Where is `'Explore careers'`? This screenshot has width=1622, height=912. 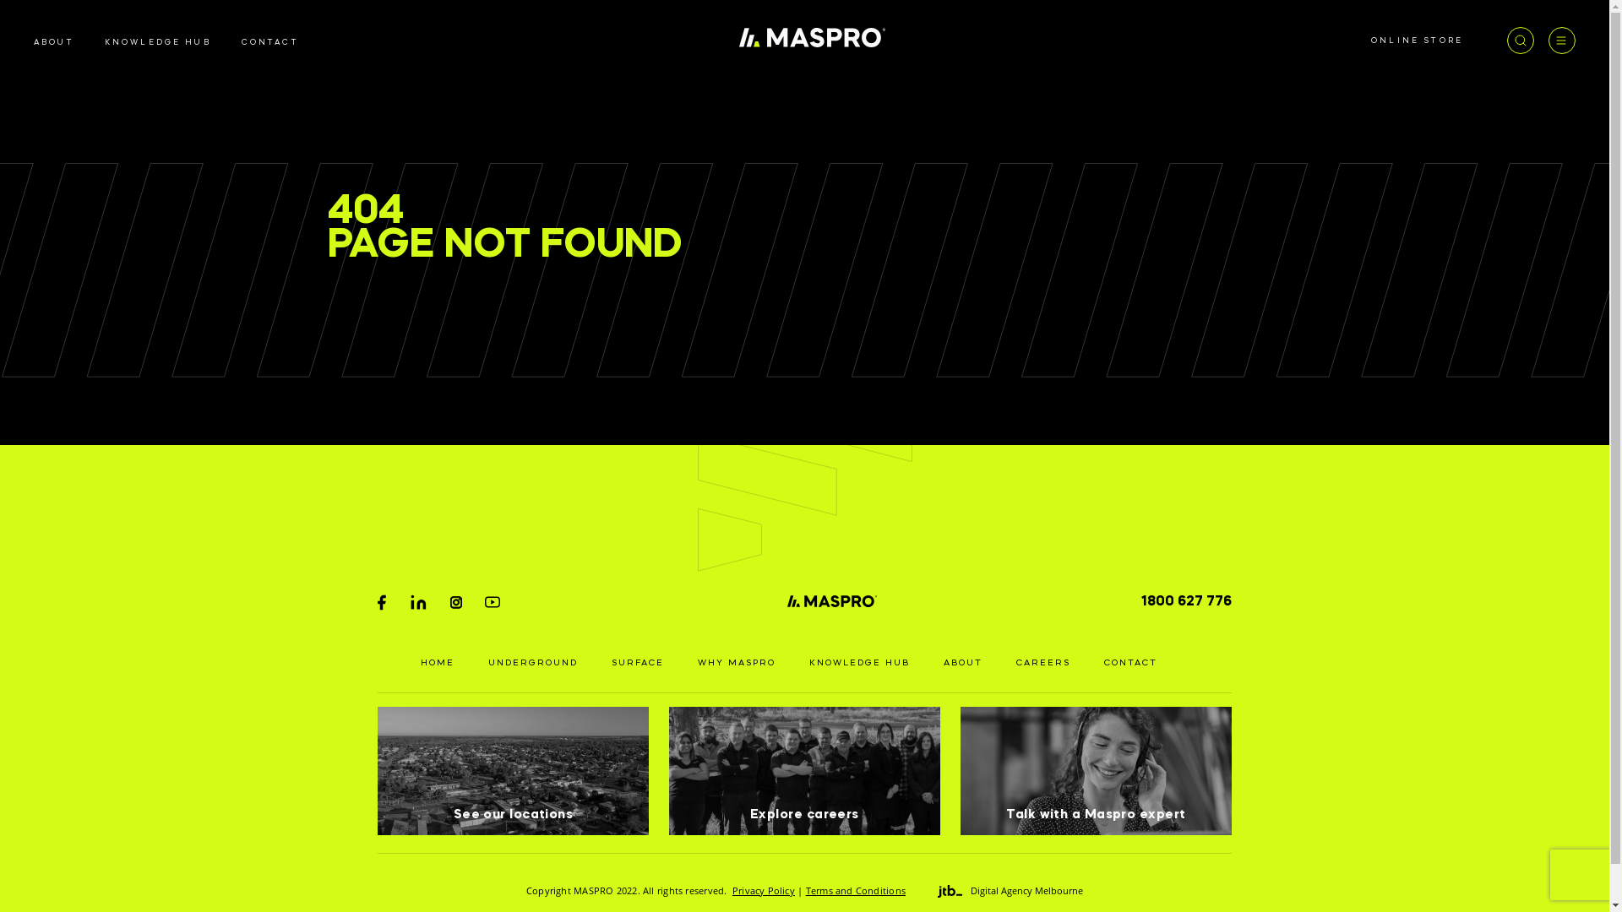
'Explore careers' is located at coordinates (803, 771).